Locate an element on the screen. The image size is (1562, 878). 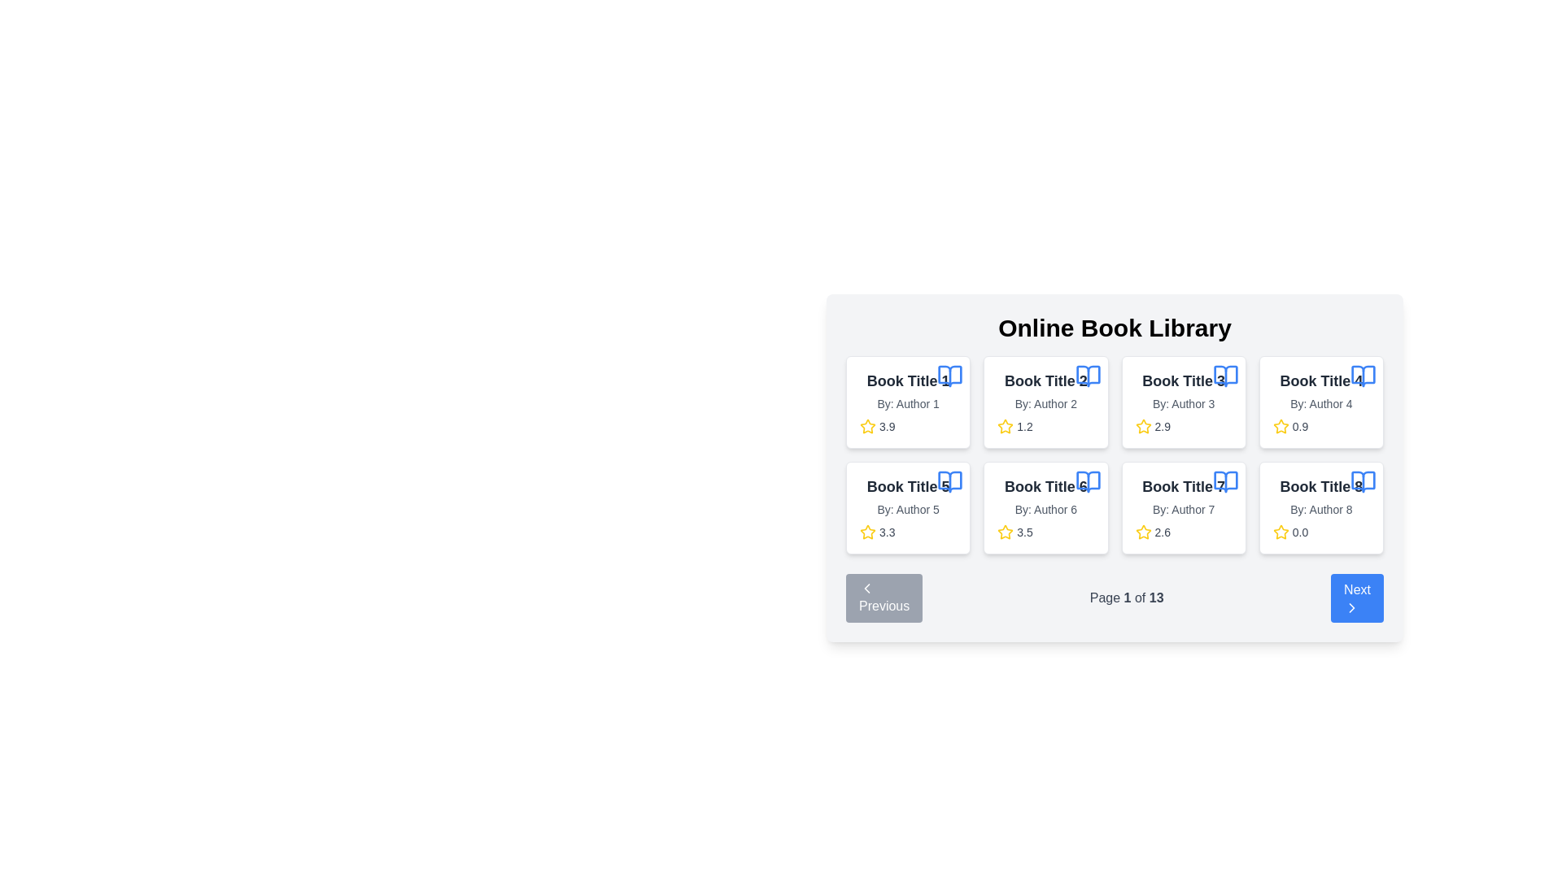
the appearance of the left-pointing arrow icon located within the previous button in the pagination controls at the bottom-left corner of the interface is located at coordinates (866, 589).